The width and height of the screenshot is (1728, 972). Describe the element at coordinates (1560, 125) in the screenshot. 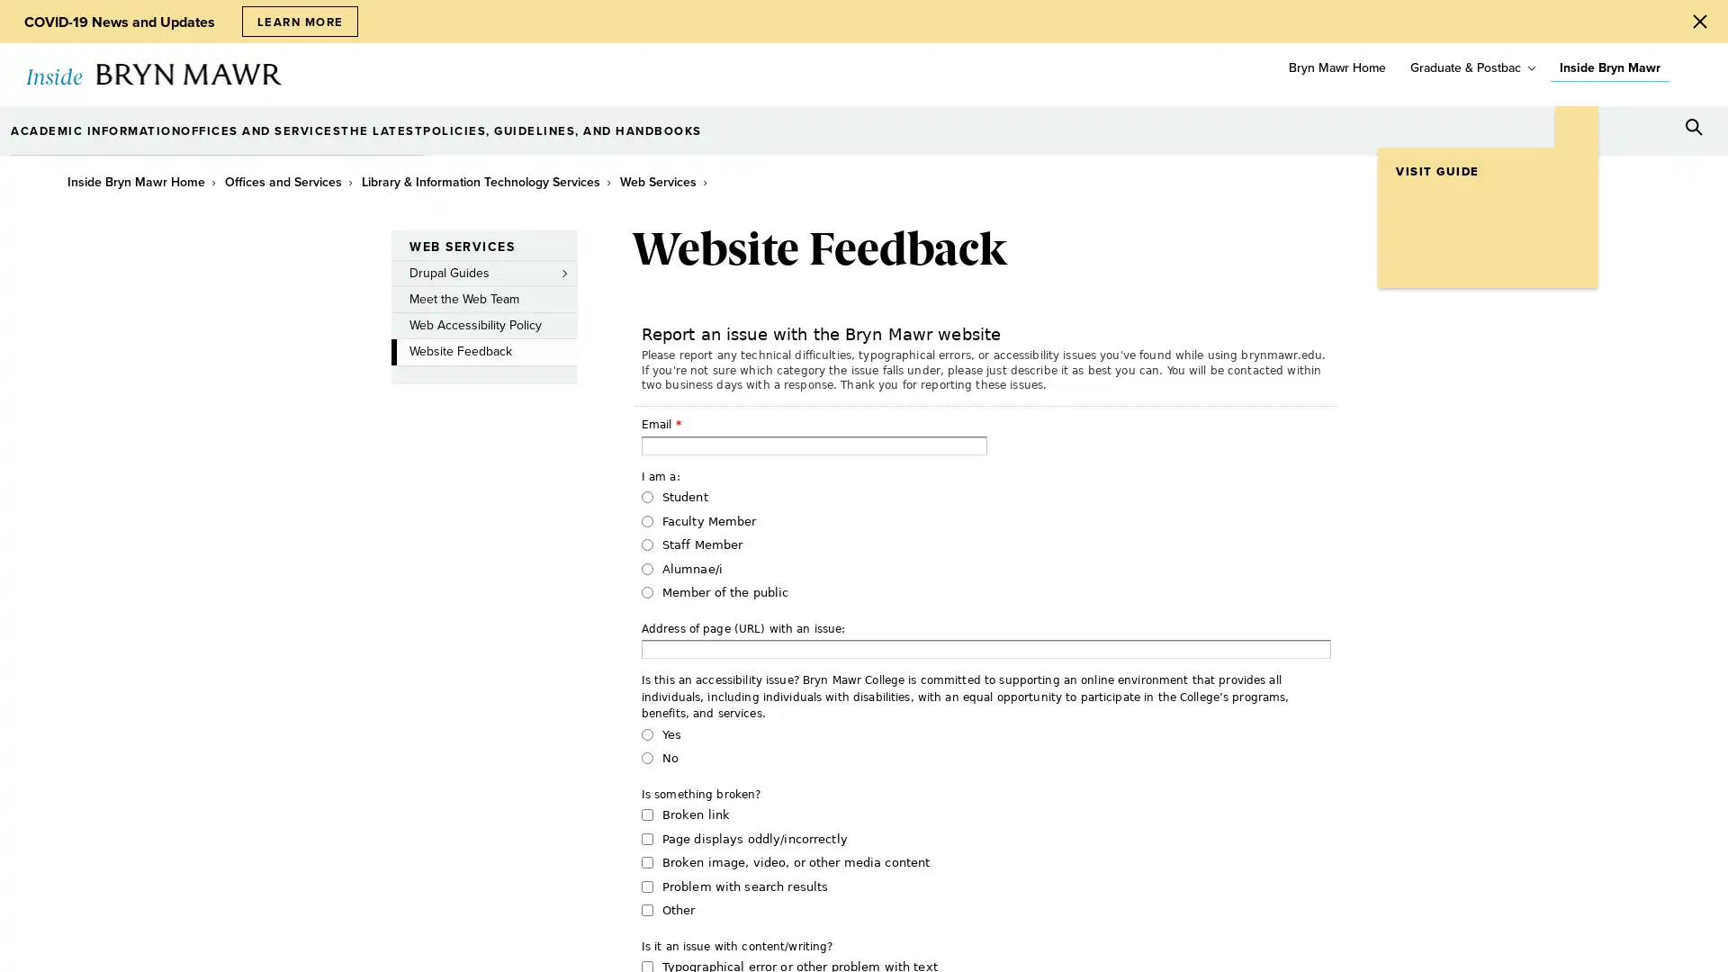

I see `Open Location menu` at that location.